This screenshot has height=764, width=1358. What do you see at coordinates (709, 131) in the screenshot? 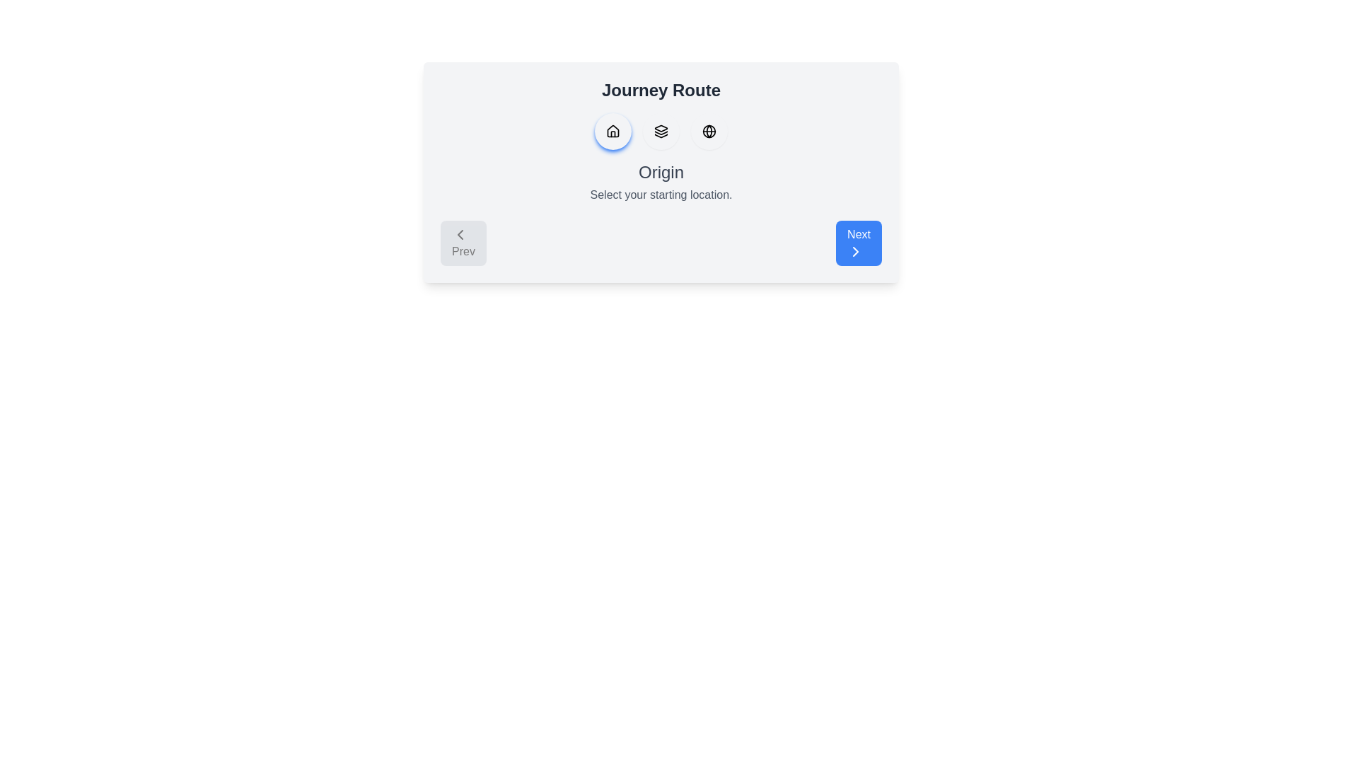
I see `the third circular icon under the 'Journey Route' heading, which represents selecting a global or geographical option in the user interface` at bounding box center [709, 131].